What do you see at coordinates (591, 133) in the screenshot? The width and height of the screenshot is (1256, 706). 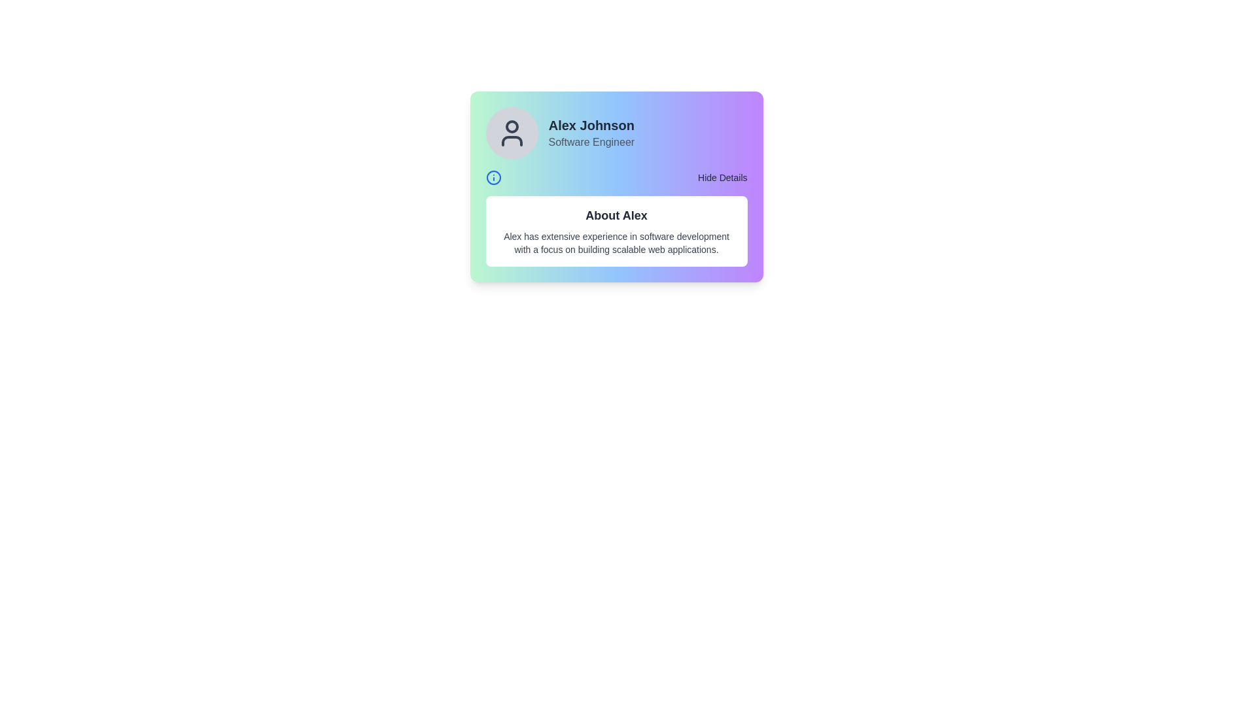 I see `the text block displaying 'Alex Johnson' and 'Software Engineer' to trigger the tooltip` at bounding box center [591, 133].